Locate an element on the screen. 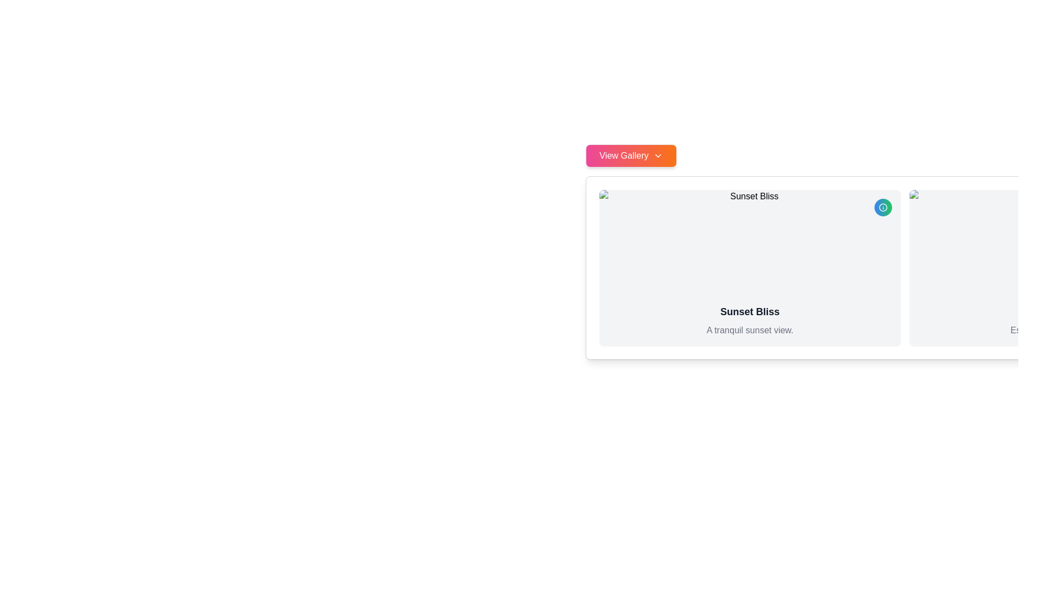 The height and width of the screenshot is (593, 1054). the 'View Gallery' button that contains a downward-facing chevron icon, which is styled as an arrow and located to the right of the text 'View Gallery' is located at coordinates (658, 156).